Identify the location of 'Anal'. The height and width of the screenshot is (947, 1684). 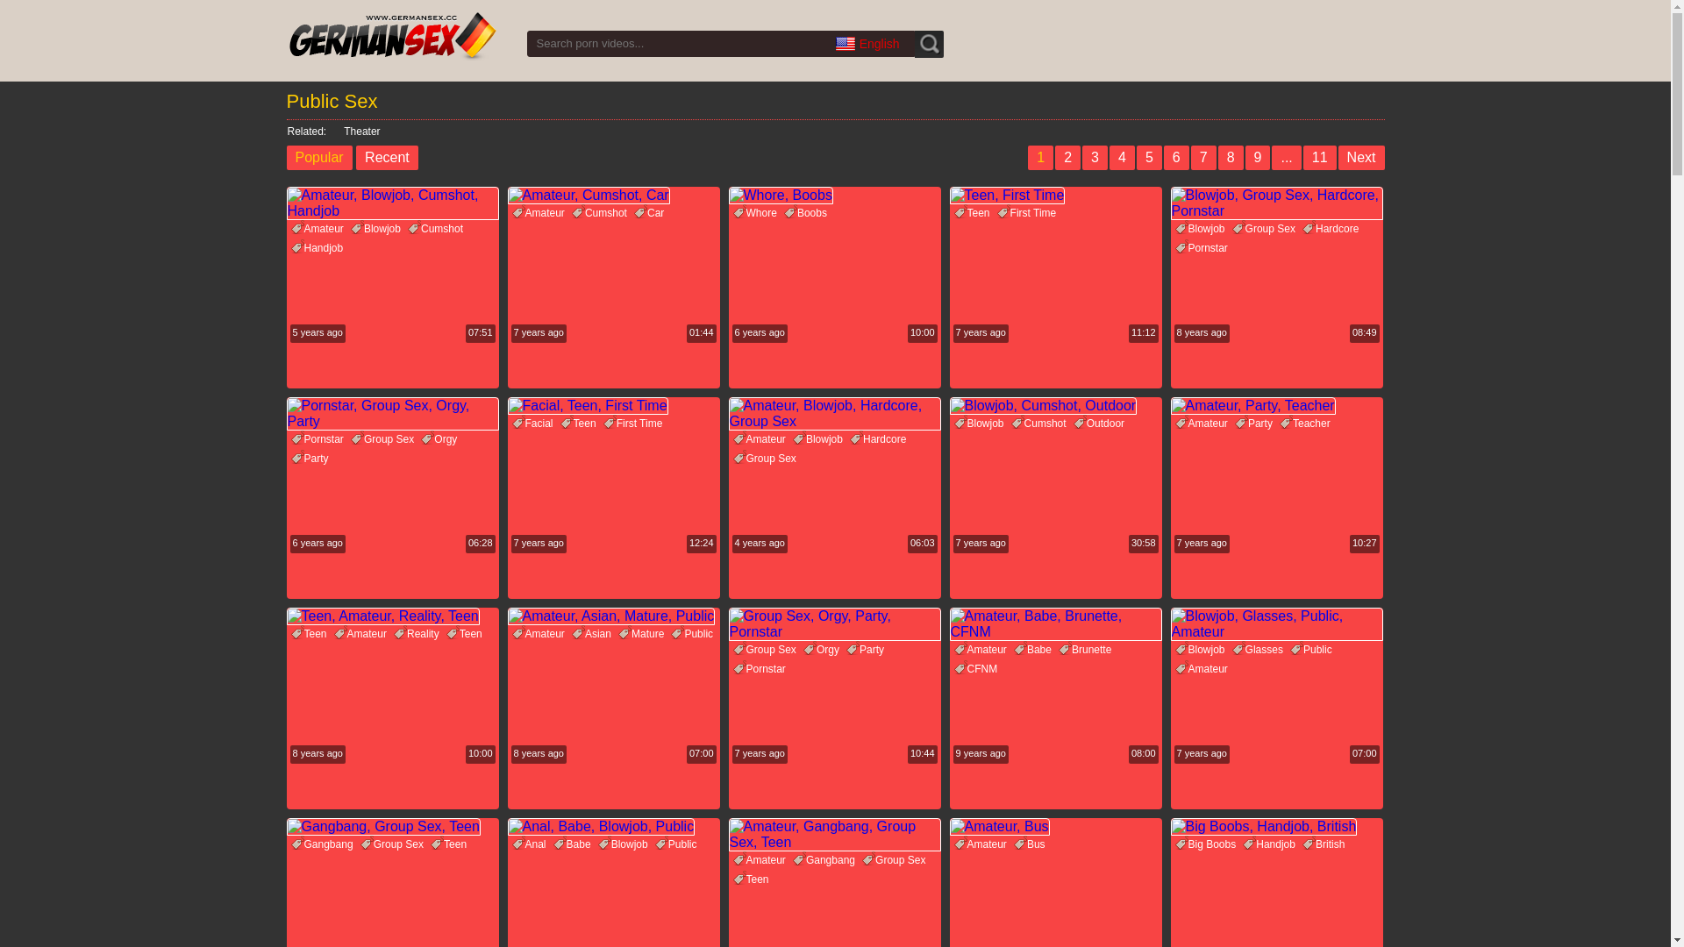
(511, 844).